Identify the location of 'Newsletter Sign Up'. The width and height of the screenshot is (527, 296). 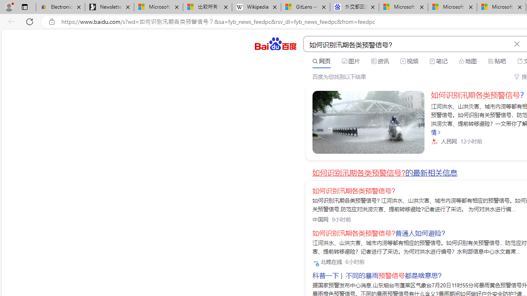
(109, 7).